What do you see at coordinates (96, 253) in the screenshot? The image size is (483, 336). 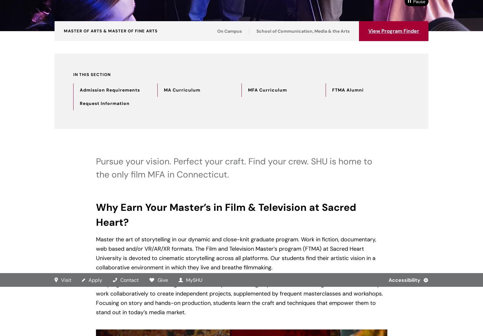 I see `'Master the art of storytelling in our dynamic and close-knit graduate program. Work in fiction, documentary, web based and/or VR/AR/XR formats. The Film and Television Master’s program (FTMA) at Sacred Heart University is devoted to cinematic storytelling across all platforms. Our students find their artistic vision in a collaborative environment in which they live and breathe filmmaking.'` at bounding box center [96, 253].